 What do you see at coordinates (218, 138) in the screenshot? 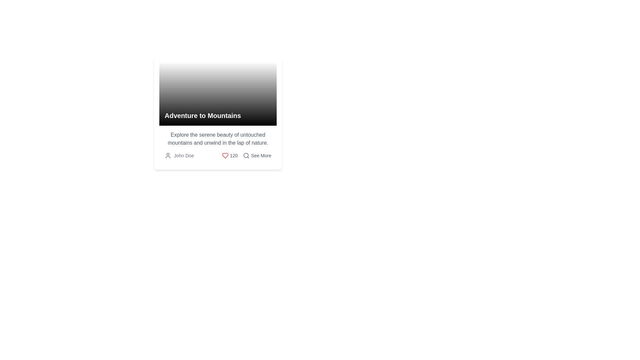
I see `the descriptive Text Block element that provides information about the content or offering displayed above it, located in the middle section of the bounding card` at bounding box center [218, 138].